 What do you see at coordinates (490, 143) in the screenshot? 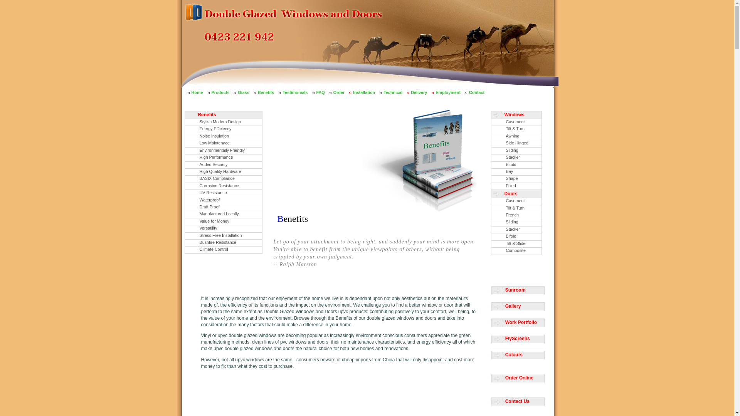
I see `'Side Hinged'` at bounding box center [490, 143].